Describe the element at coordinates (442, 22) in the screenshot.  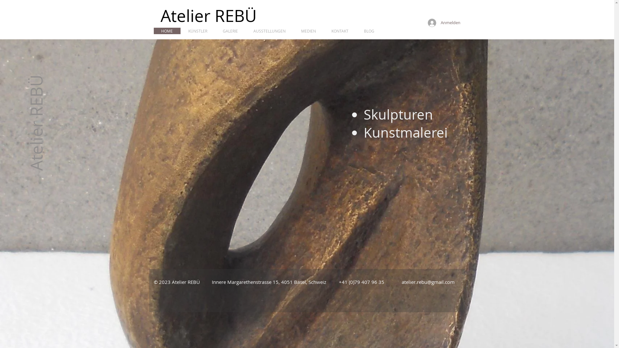
I see `'Anmelden'` at that location.